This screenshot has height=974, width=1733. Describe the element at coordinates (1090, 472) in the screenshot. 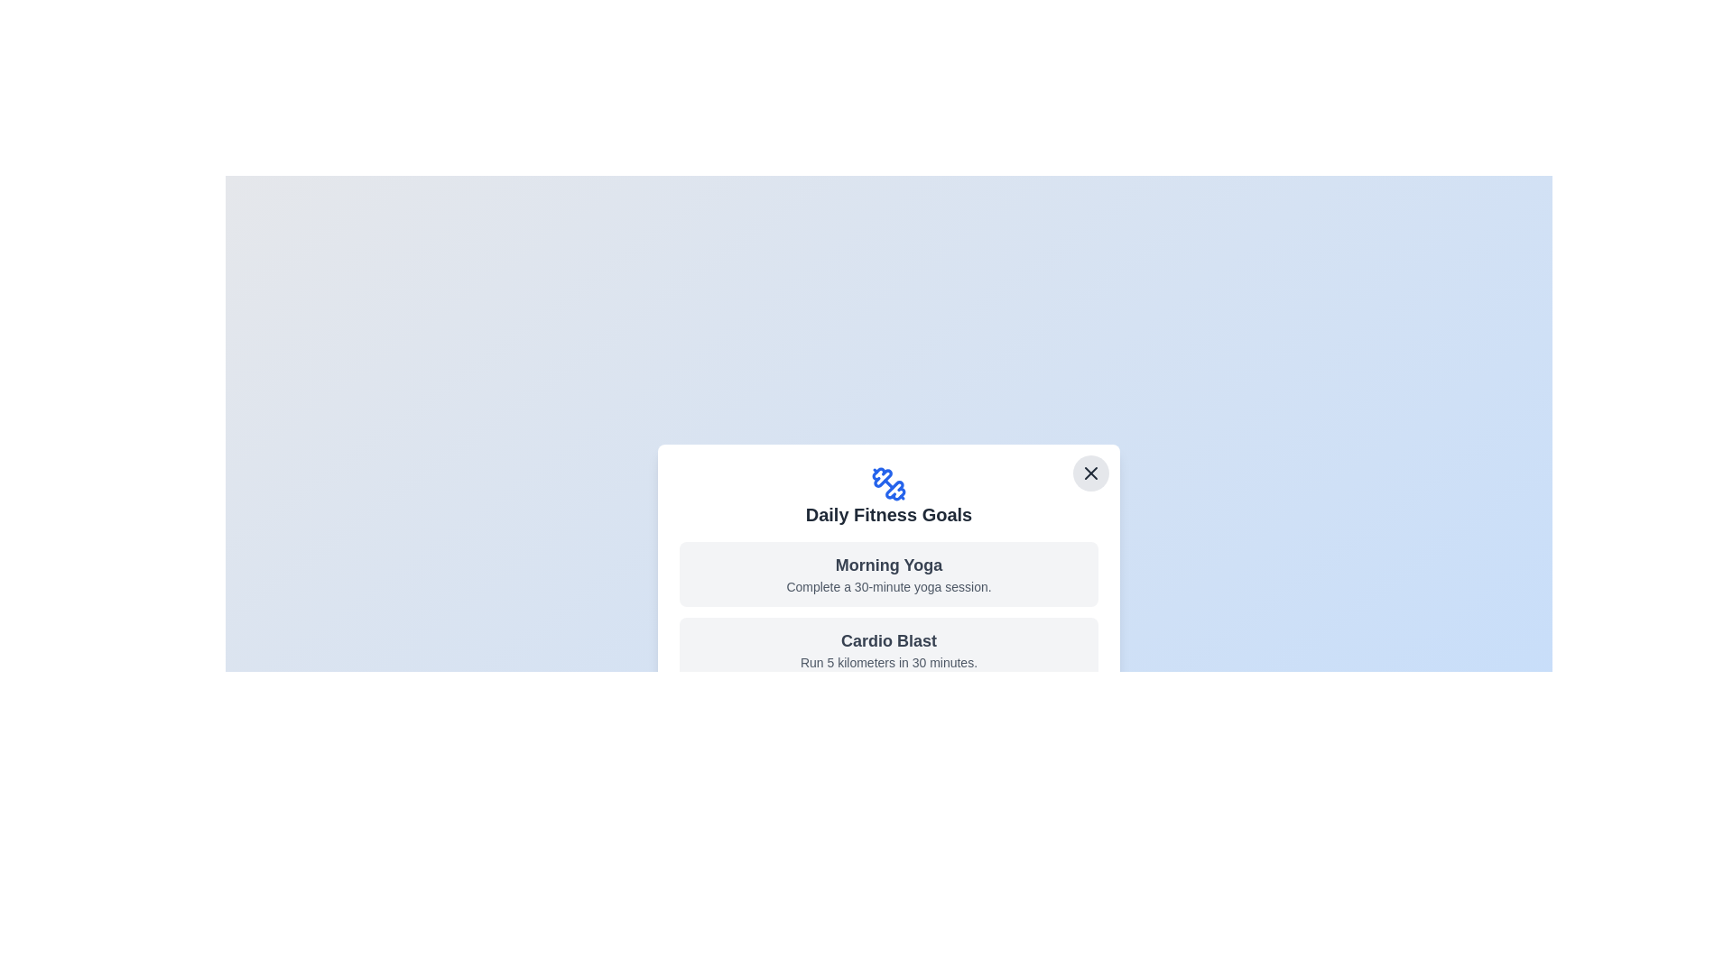

I see `the close icon button located at the top-right corner of the 'Daily Fitness Goals' modal dialog` at that location.